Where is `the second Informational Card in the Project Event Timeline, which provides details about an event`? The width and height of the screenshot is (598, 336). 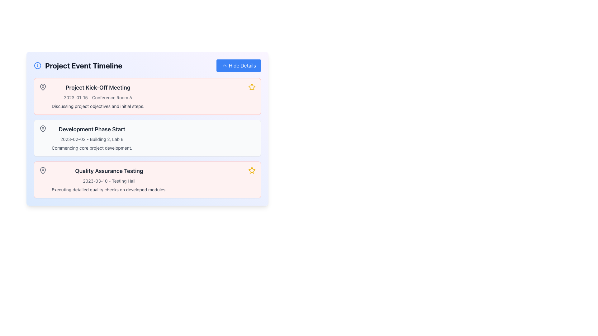
the second Informational Card in the Project Event Timeline, which provides details about an event is located at coordinates (147, 128).